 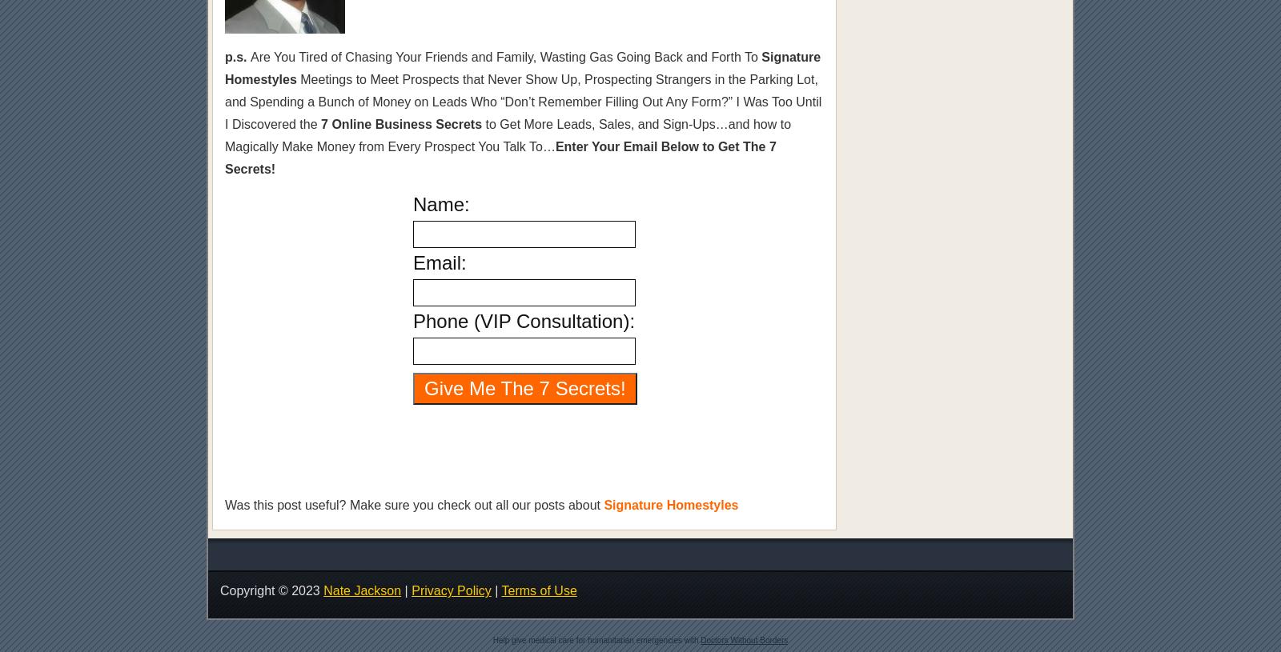 What do you see at coordinates (743, 640) in the screenshot?
I see `'Doctors Without Borders'` at bounding box center [743, 640].